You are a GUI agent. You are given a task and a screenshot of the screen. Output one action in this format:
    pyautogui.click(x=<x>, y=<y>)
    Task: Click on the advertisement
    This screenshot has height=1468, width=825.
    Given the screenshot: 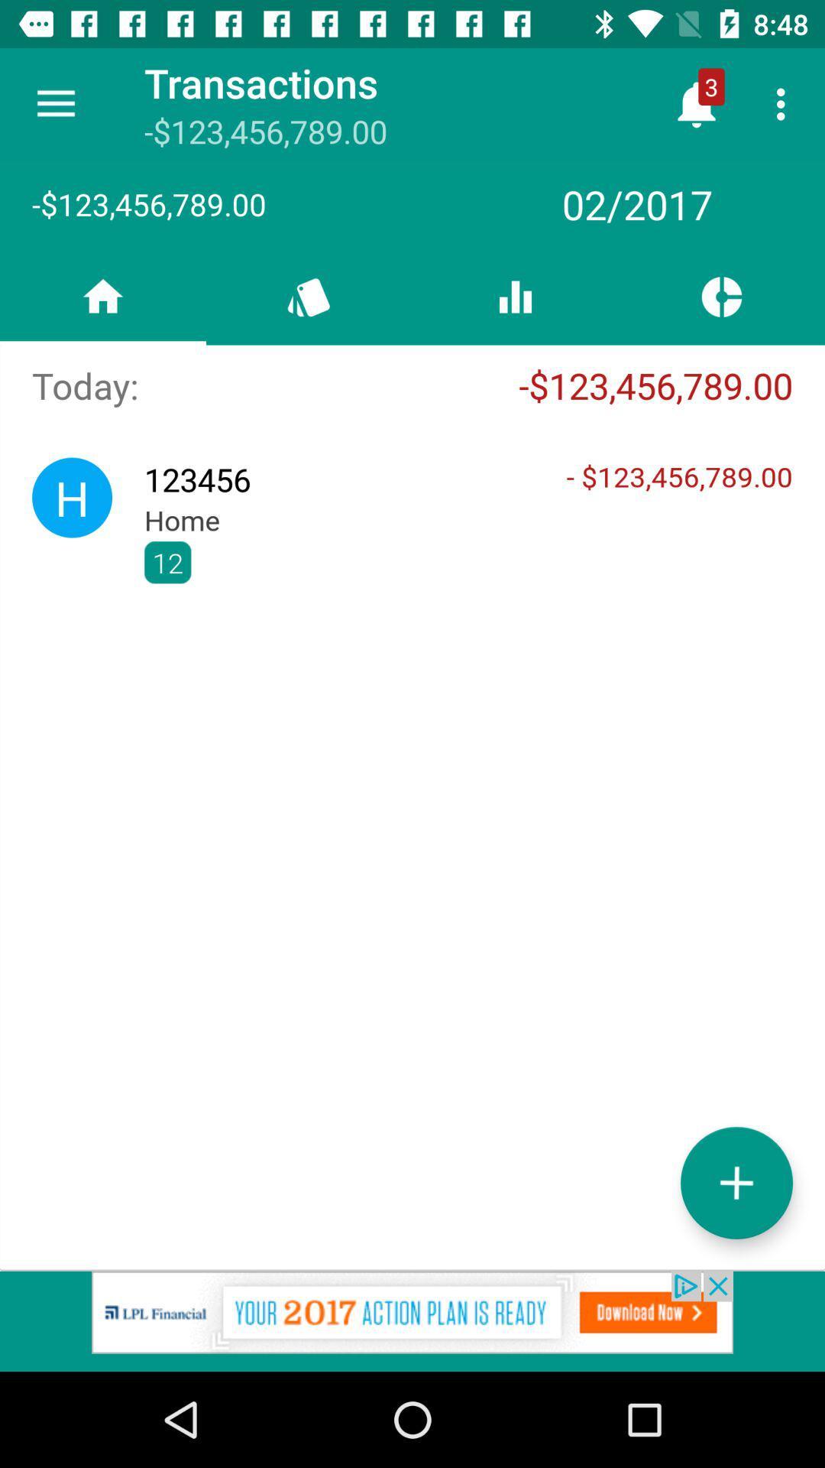 What is the action you would take?
    pyautogui.click(x=412, y=1320)
    